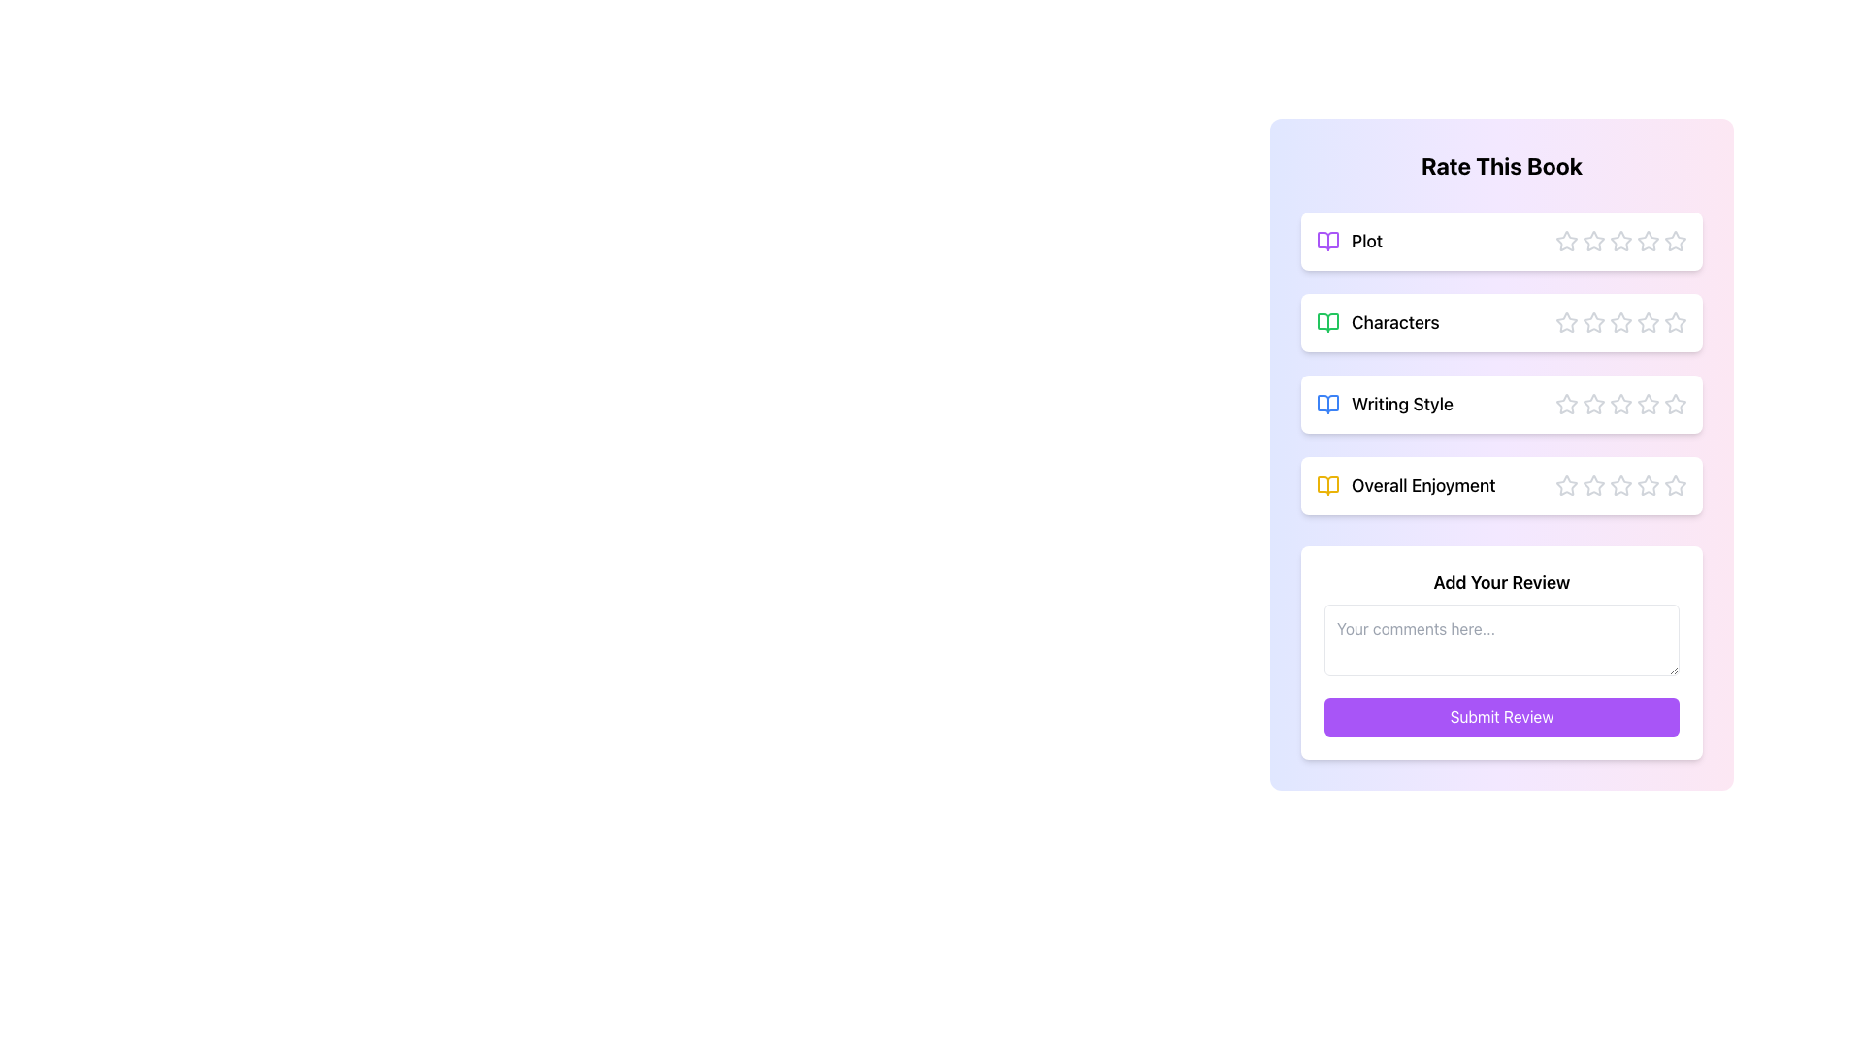 This screenshot has height=1048, width=1863. What do you see at coordinates (1675, 241) in the screenshot?
I see `the fifth interactive rating star in the 'Plot' category to assign a 5-star rating` at bounding box center [1675, 241].